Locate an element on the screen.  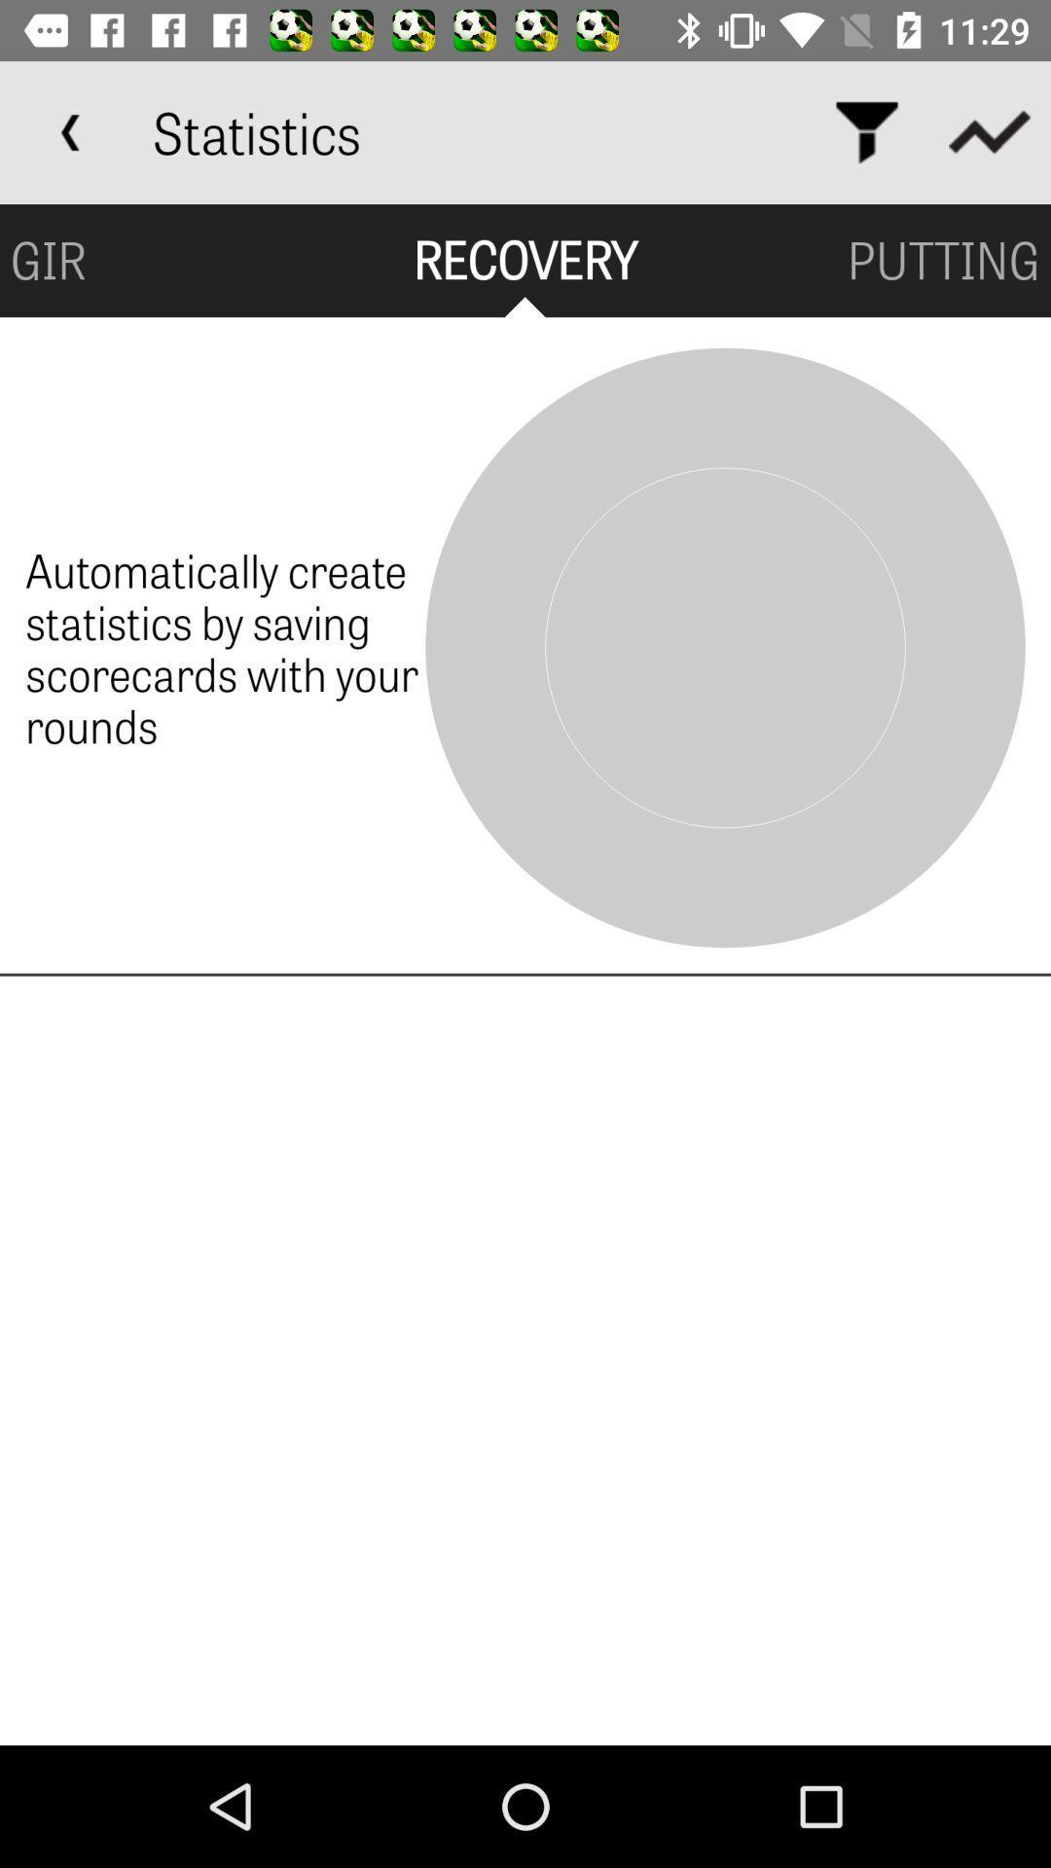
item to the left of statistics app is located at coordinates (70, 131).